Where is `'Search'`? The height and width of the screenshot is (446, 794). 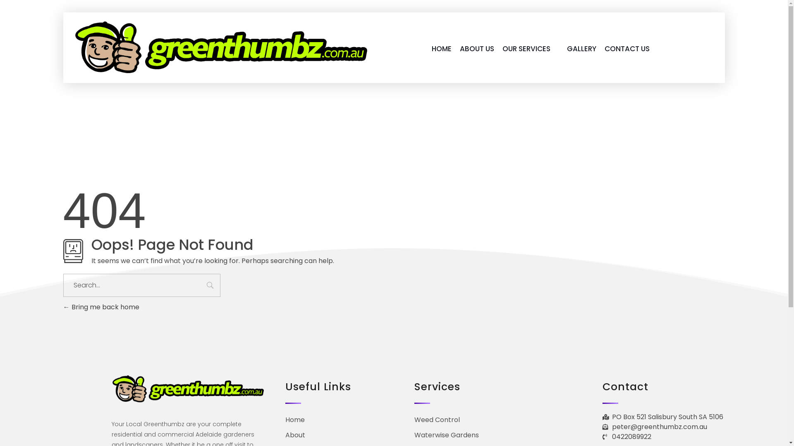
'Search' is located at coordinates (202, 286).